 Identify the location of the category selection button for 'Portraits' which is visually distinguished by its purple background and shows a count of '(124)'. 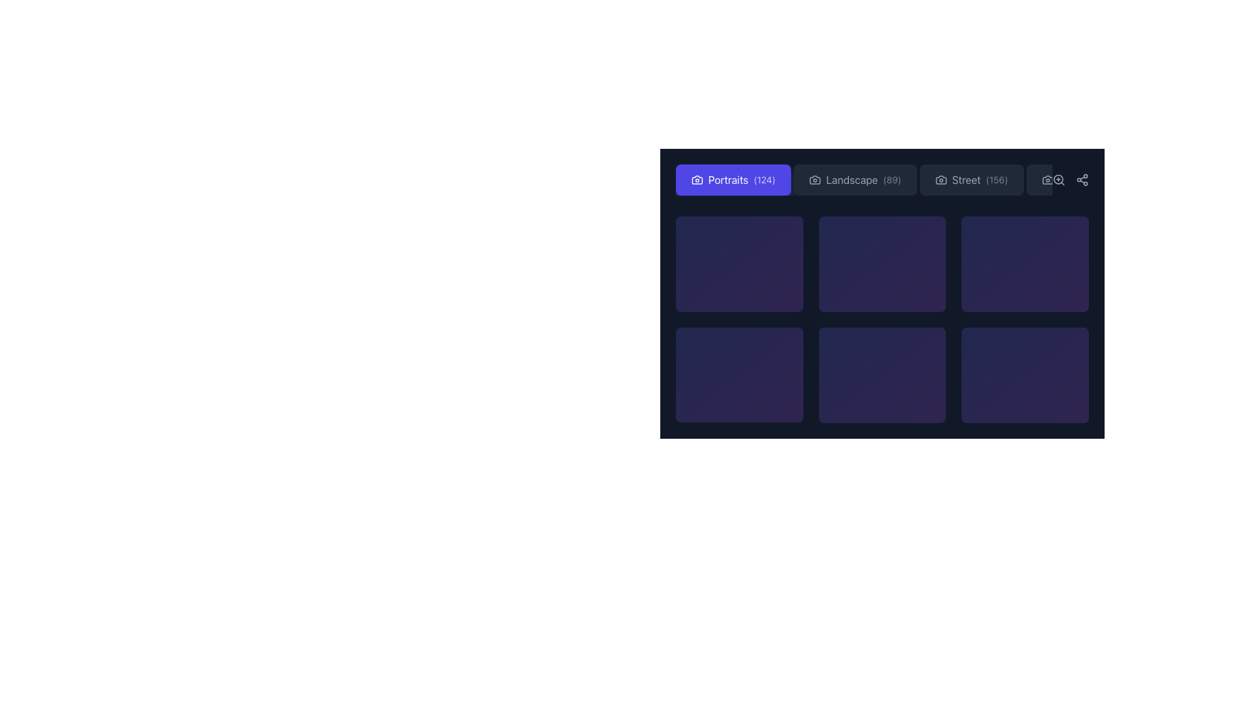
(733, 180).